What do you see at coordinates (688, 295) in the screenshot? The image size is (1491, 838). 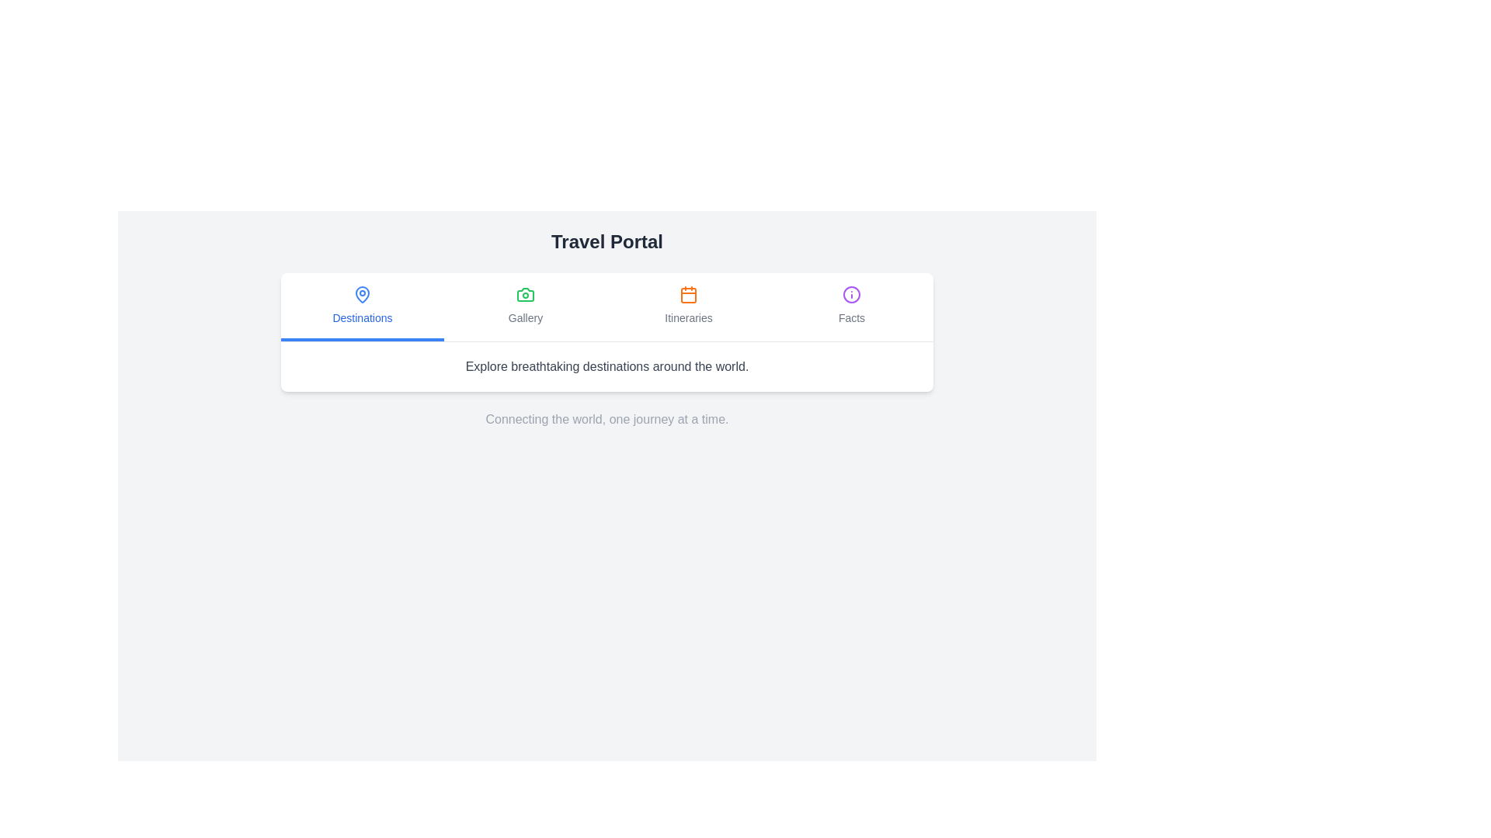 I see `the icon representing the 'Itineraries' section in the horizontal navigation bar for additional options` at bounding box center [688, 295].